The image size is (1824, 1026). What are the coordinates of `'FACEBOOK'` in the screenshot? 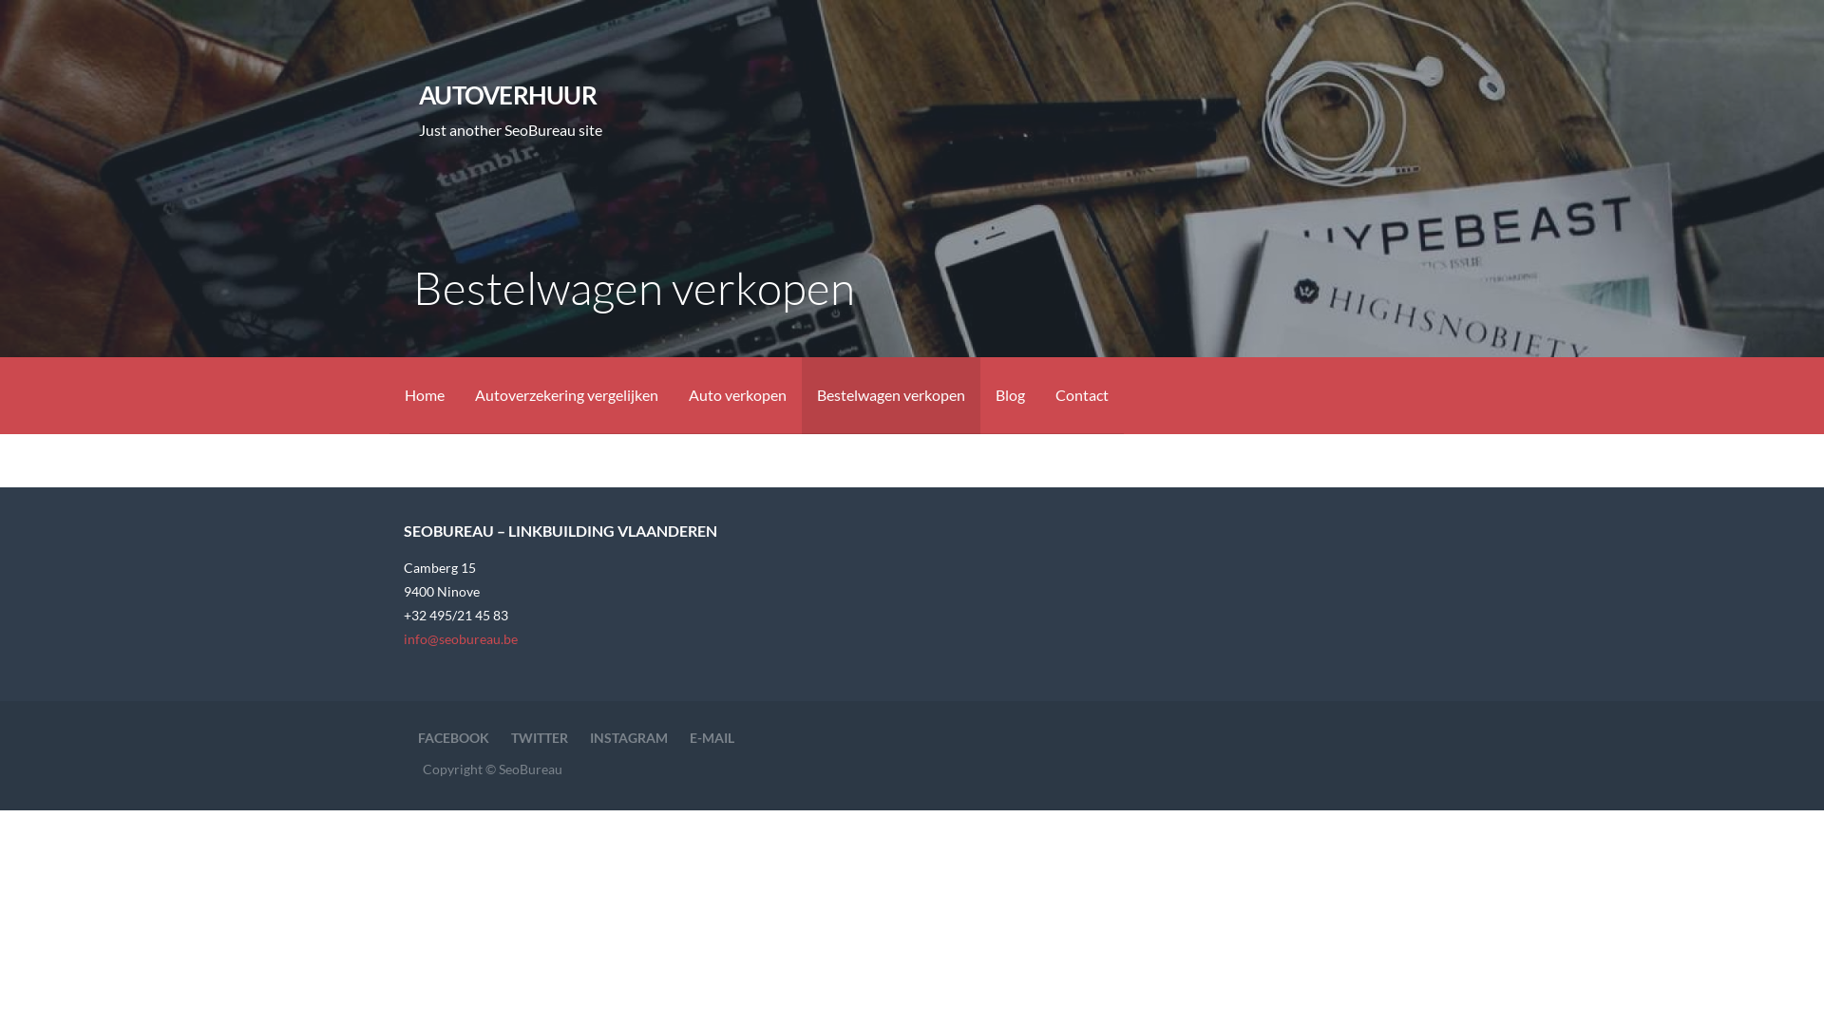 It's located at (452, 736).